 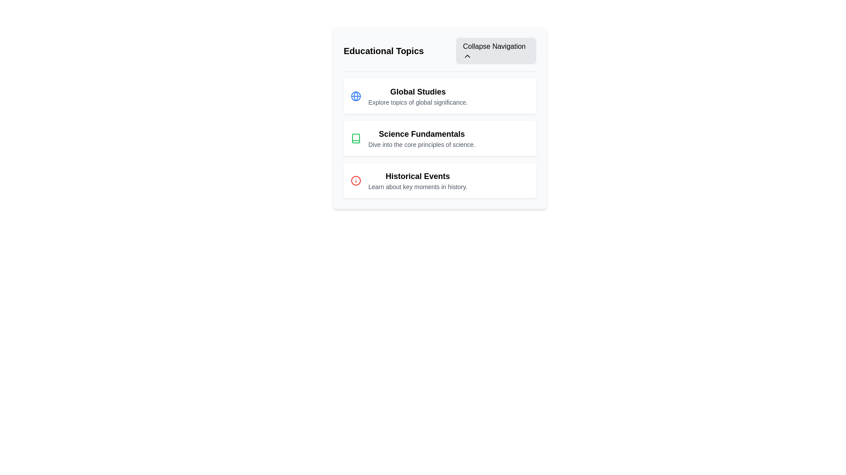 I want to click on the 'Science Fundamentals' text label that is bold and slightly larger, positioned above the description 'Dive into the core principles of science.', so click(x=421, y=134).